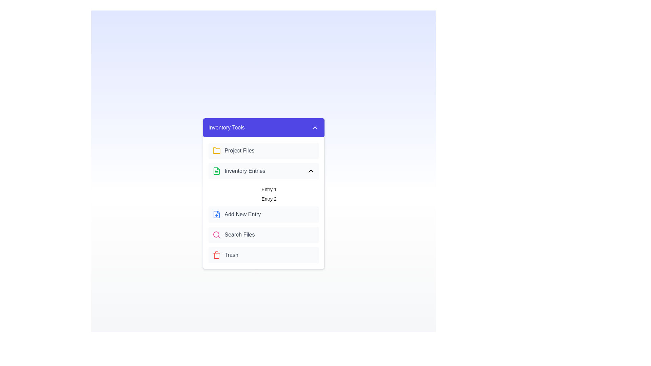 The width and height of the screenshot is (651, 366). Describe the element at coordinates (263, 202) in the screenshot. I see `the second panel segment in the 'Inventory Tools' section` at that location.